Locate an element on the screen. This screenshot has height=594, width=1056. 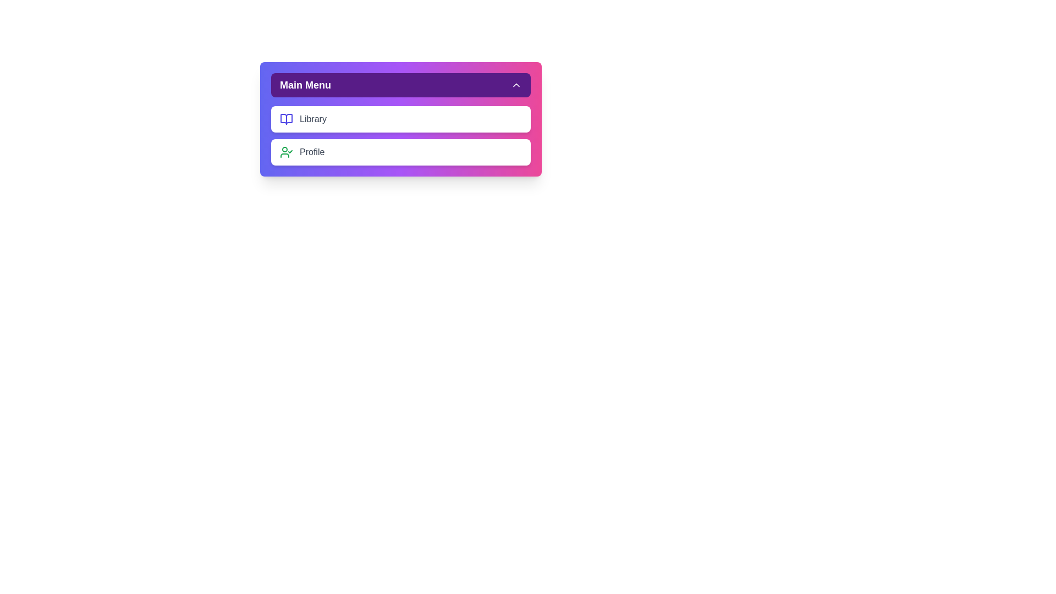
the 'Profile' text label in the vertical menu, which is located below the 'Library' menu item and to the right of the user profile icon is located at coordinates (311, 152).